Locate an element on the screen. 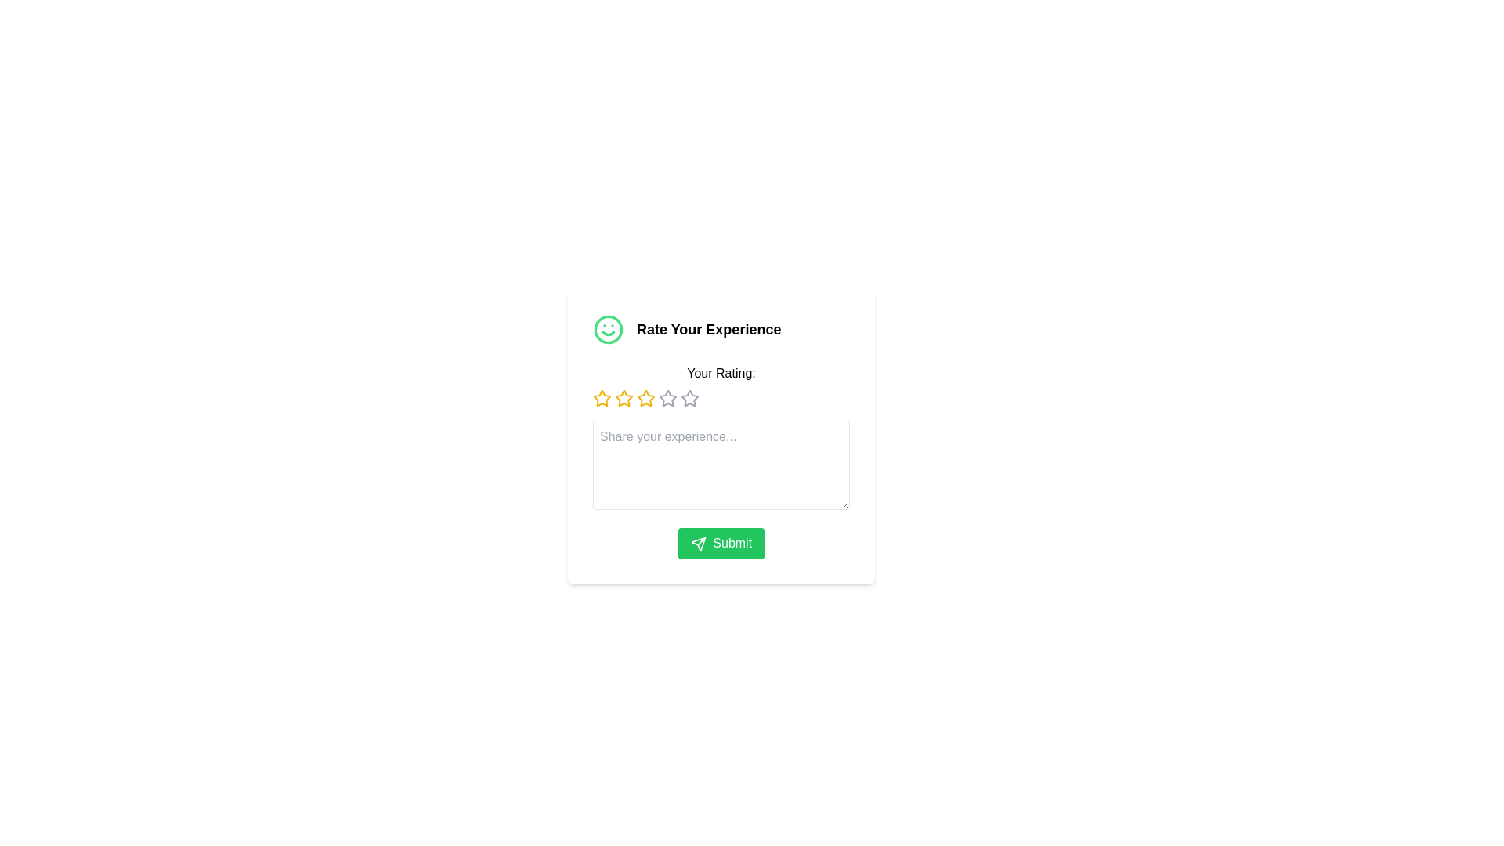 The image size is (1504, 846). the green 'Submit' button that contains the icon for submitting user feedback is located at coordinates (697, 543).